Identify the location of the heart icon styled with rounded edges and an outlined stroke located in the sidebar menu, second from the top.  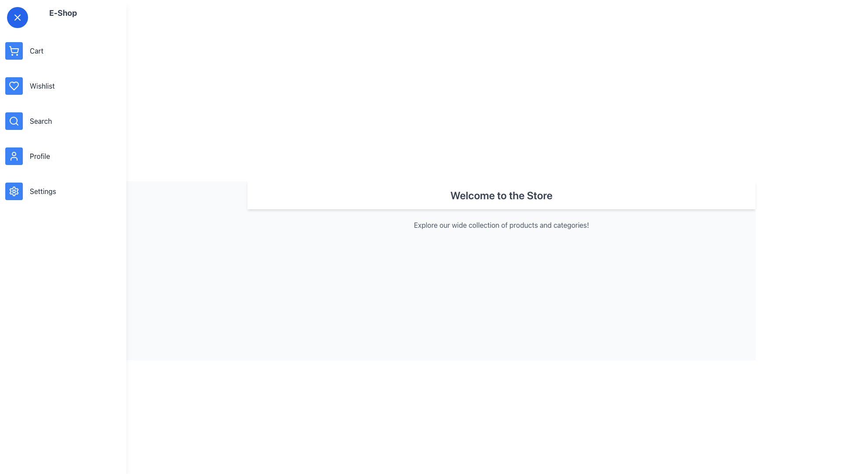
(14, 86).